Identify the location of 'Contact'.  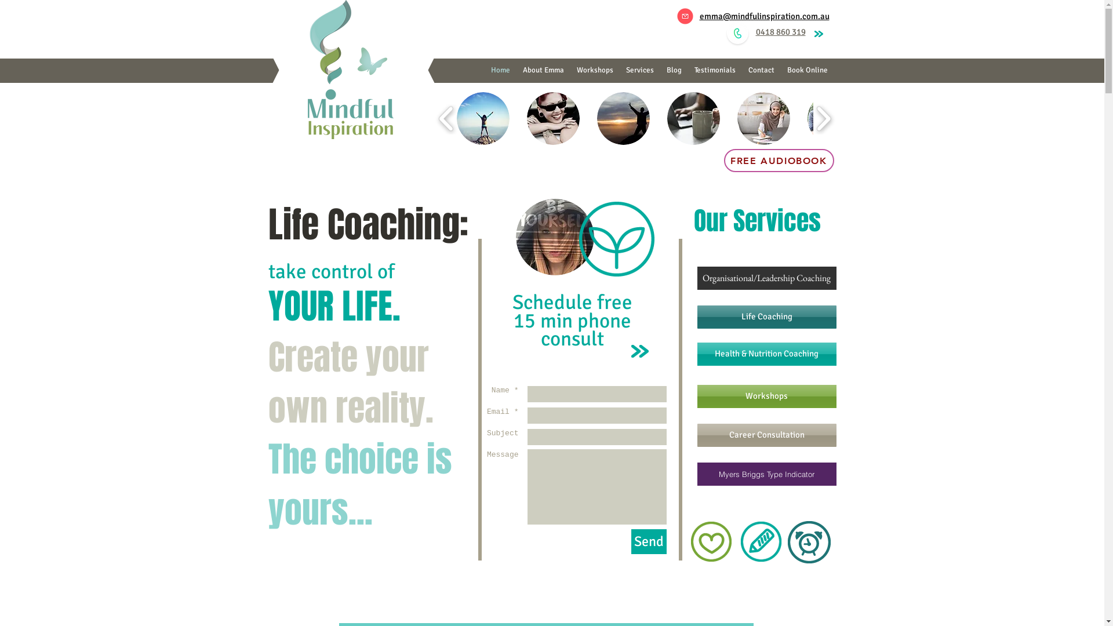
(761, 70).